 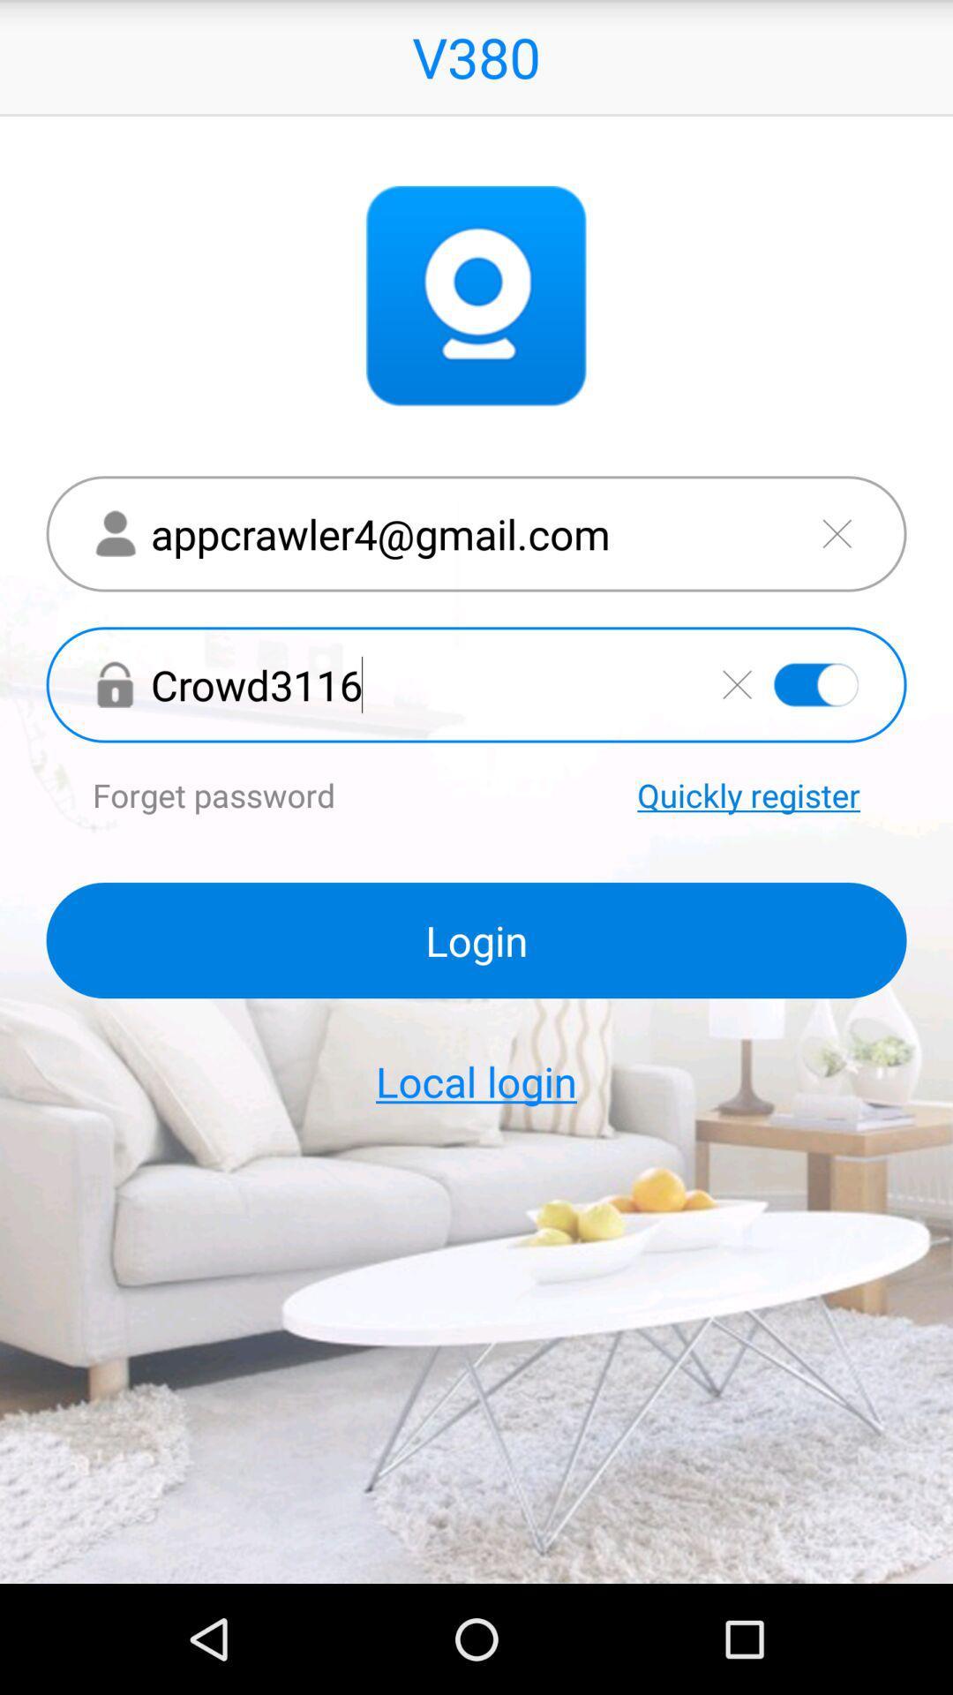 What do you see at coordinates (737, 733) in the screenshot?
I see `the close icon` at bounding box center [737, 733].